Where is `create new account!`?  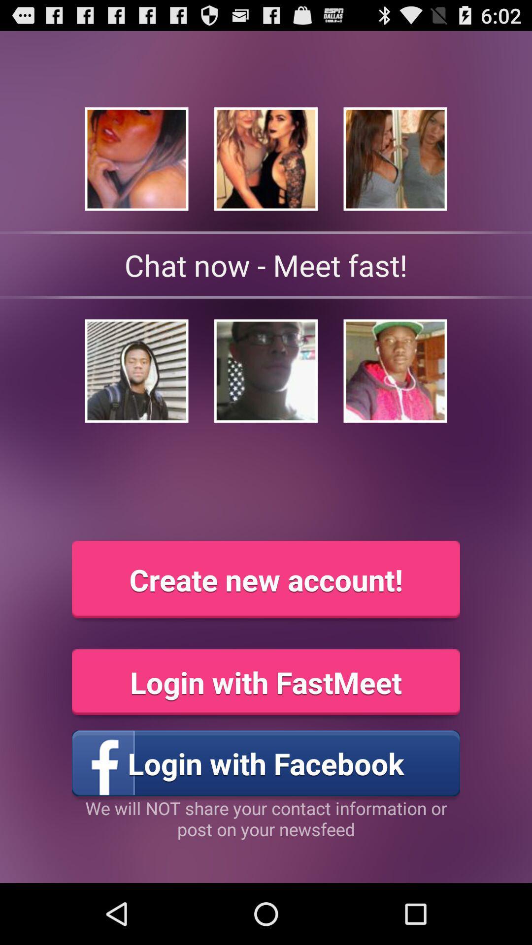
create new account! is located at coordinates (266, 579).